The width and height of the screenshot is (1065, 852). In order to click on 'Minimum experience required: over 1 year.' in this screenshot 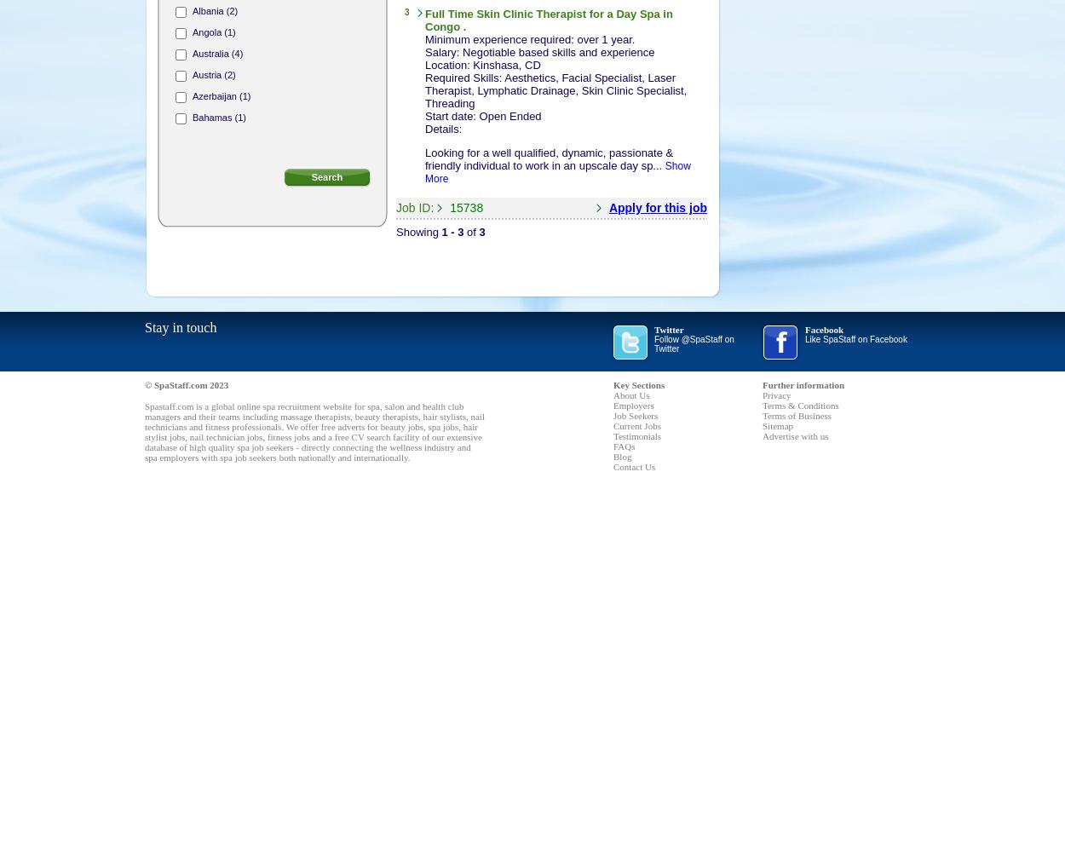, I will do `click(424, 38)`.